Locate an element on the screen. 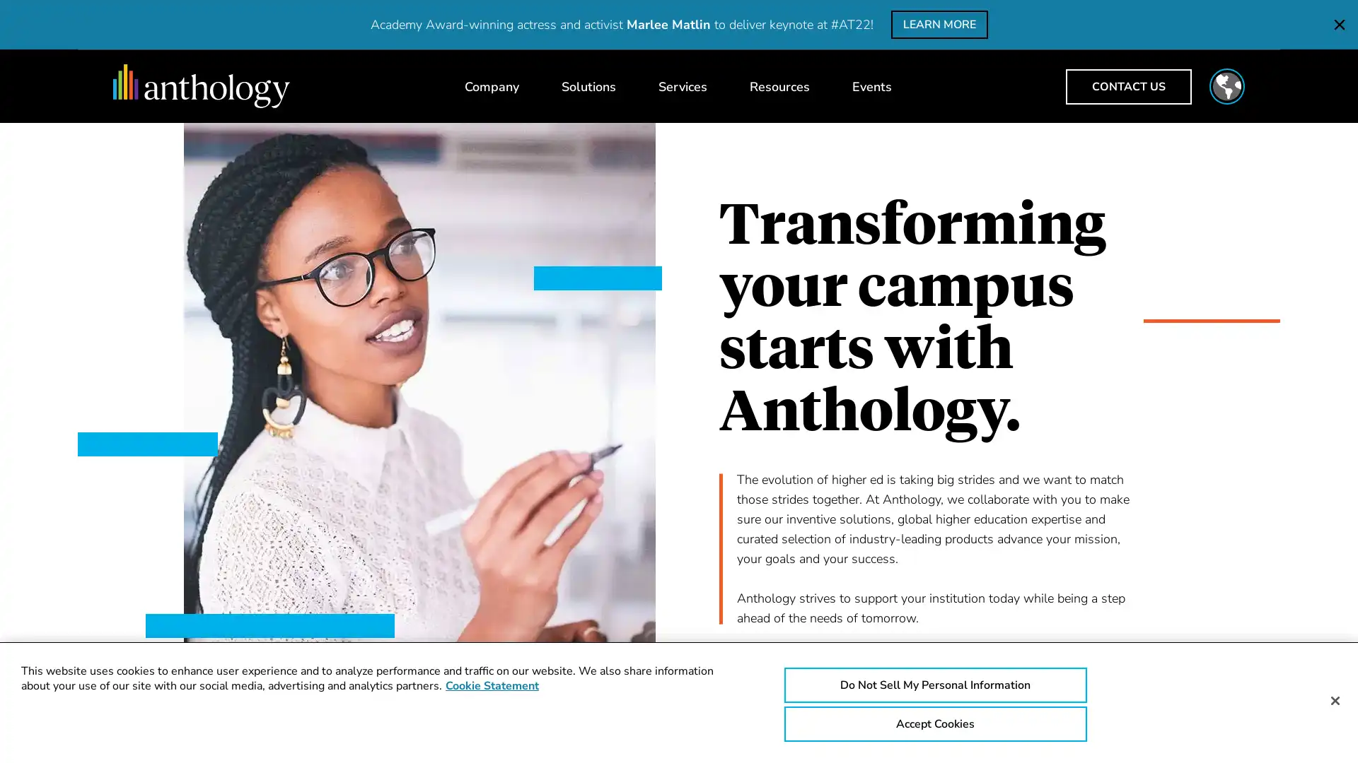 The width and height of the screenshot is (1358, 763). Watch our overview video is located at coordinates (828, 703).